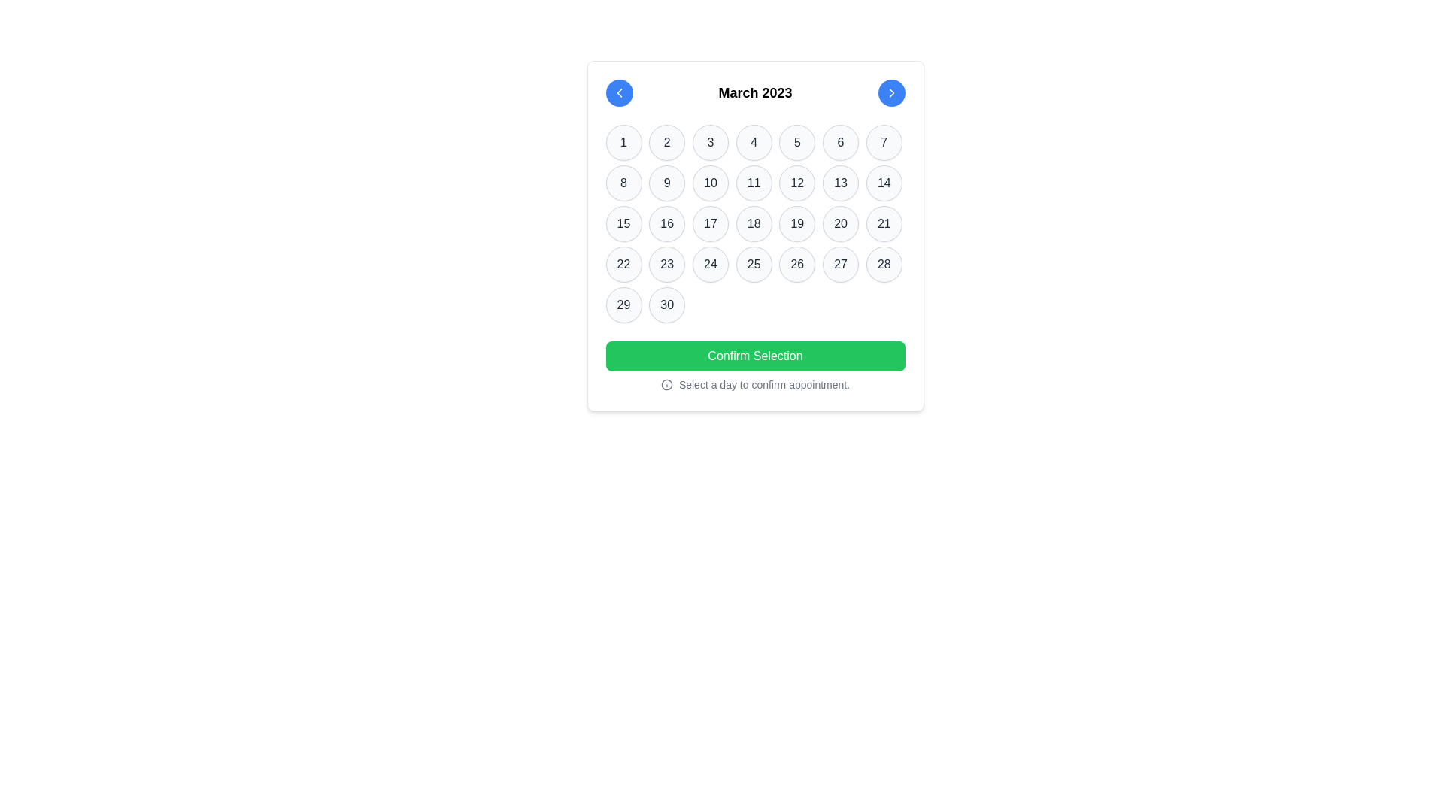 The width and height of the screenshot is (1444, 812). Describe the element at coordinates (891, 92) in the screenshot. I see `the rightward-facing chevron icon inside the blue circular button located in the top-right corner of the calendar interface` at that location.